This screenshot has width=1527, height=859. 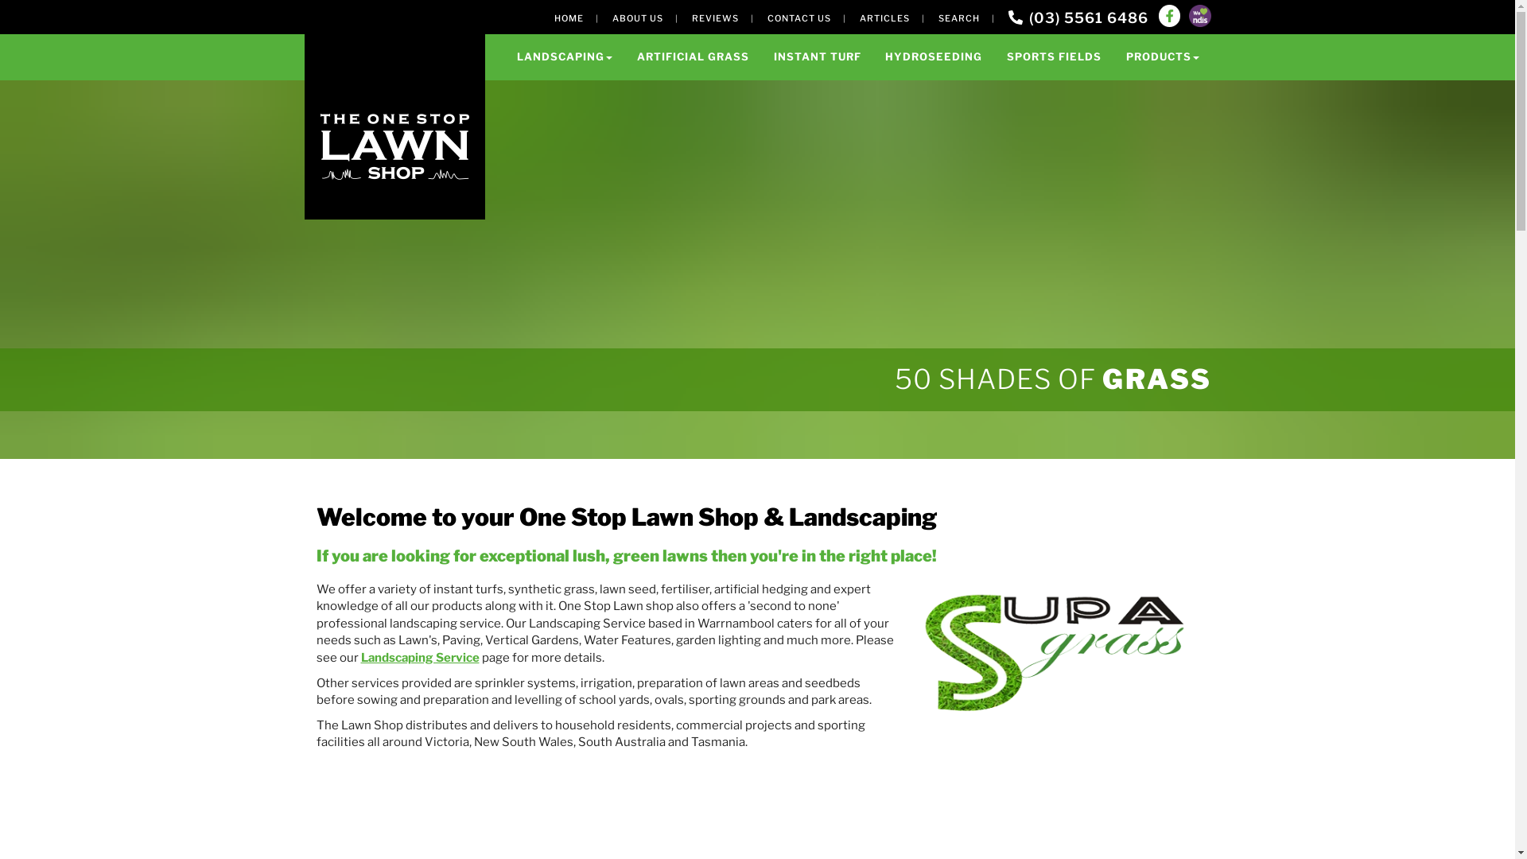 I want to click on 'HYDROSEEDING', so click(x=934, y=56).